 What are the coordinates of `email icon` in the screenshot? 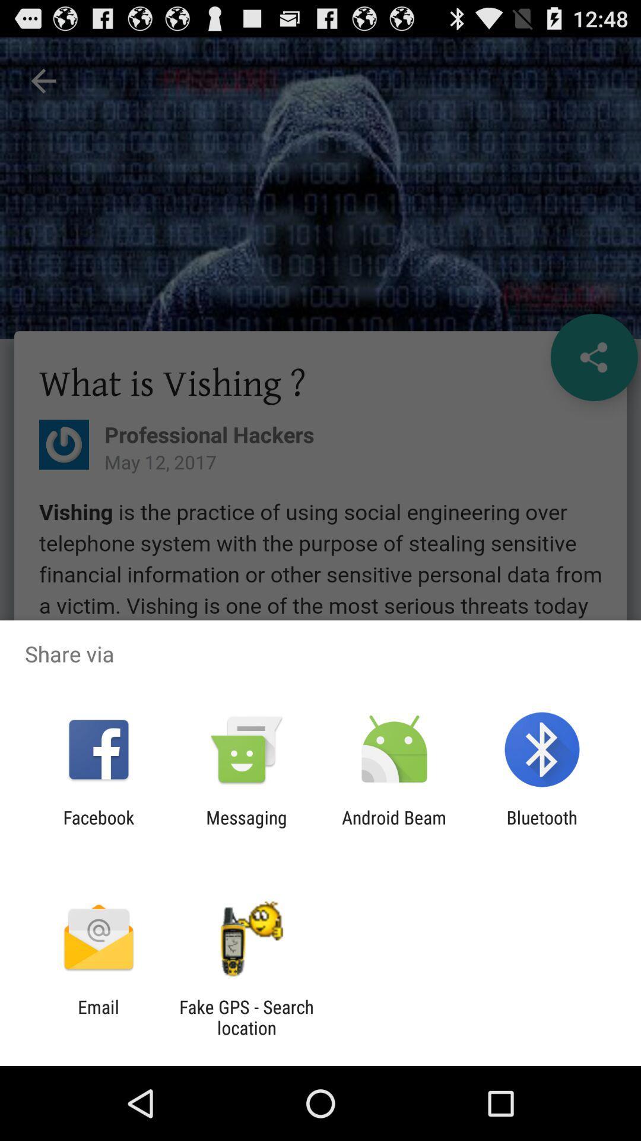 It's located at (98, 1017).